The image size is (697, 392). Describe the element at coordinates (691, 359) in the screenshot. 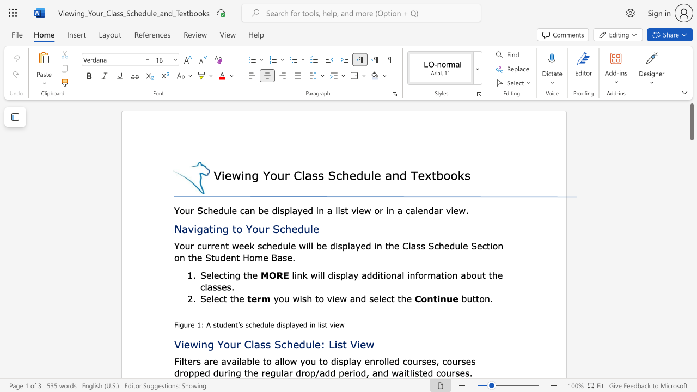

I see `the scrollbar to scroll downward` at that location.